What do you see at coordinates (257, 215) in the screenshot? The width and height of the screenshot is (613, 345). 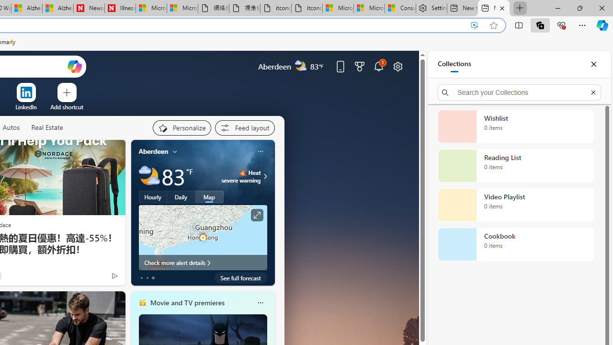 I see `'Click to see more information'` at bounding box center [257, 215].